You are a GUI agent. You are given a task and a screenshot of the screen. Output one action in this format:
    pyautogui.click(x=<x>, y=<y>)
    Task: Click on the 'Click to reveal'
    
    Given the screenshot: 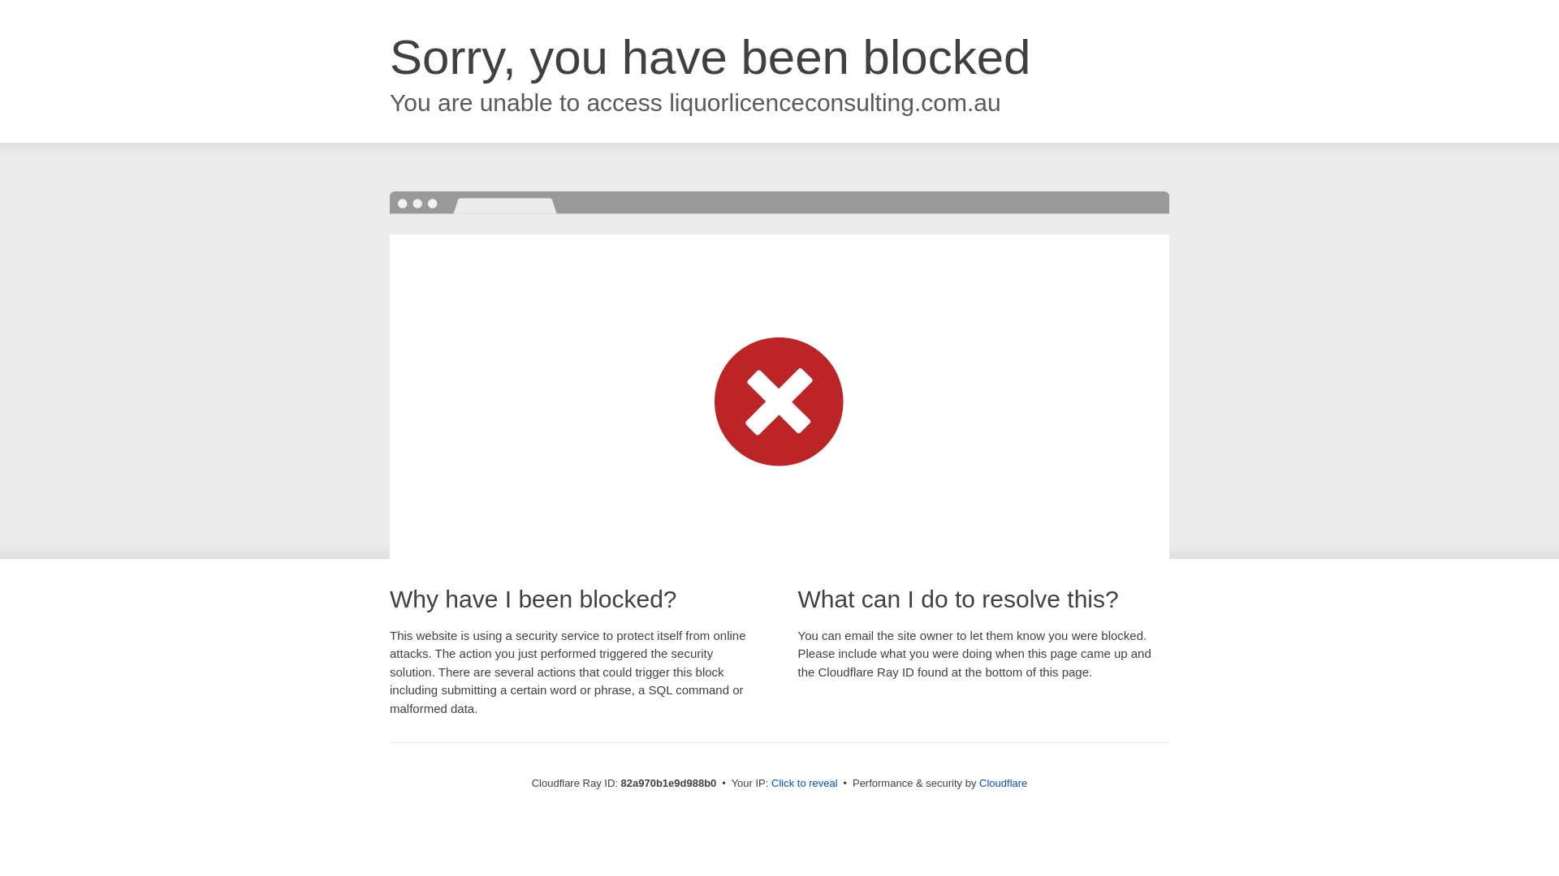 What is the action you would take?
    pyautogui.click(x=804, y=782)
    